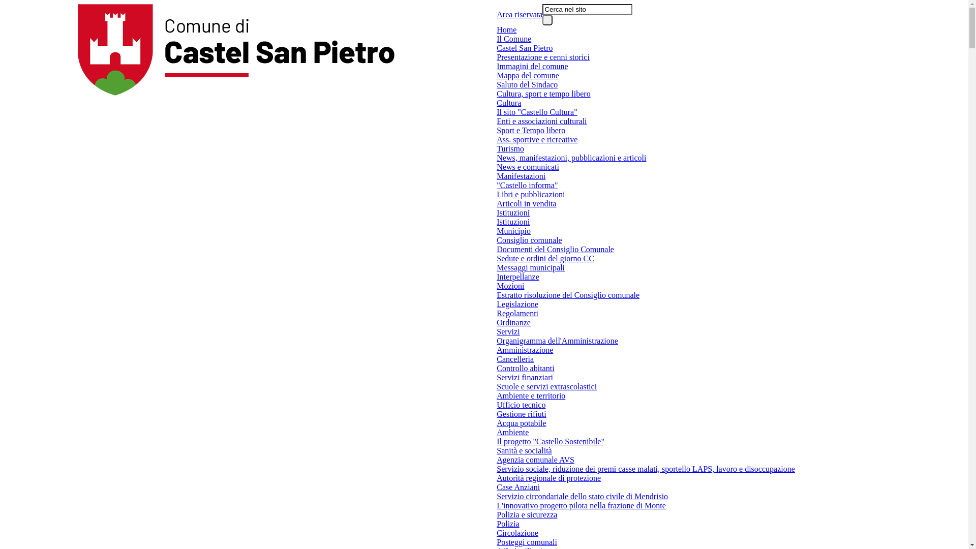  What do you see at coordinates (541, 121) in the screenshot?
I see `'Enti e associazioni culturali'` at bounding box center [541, 121].